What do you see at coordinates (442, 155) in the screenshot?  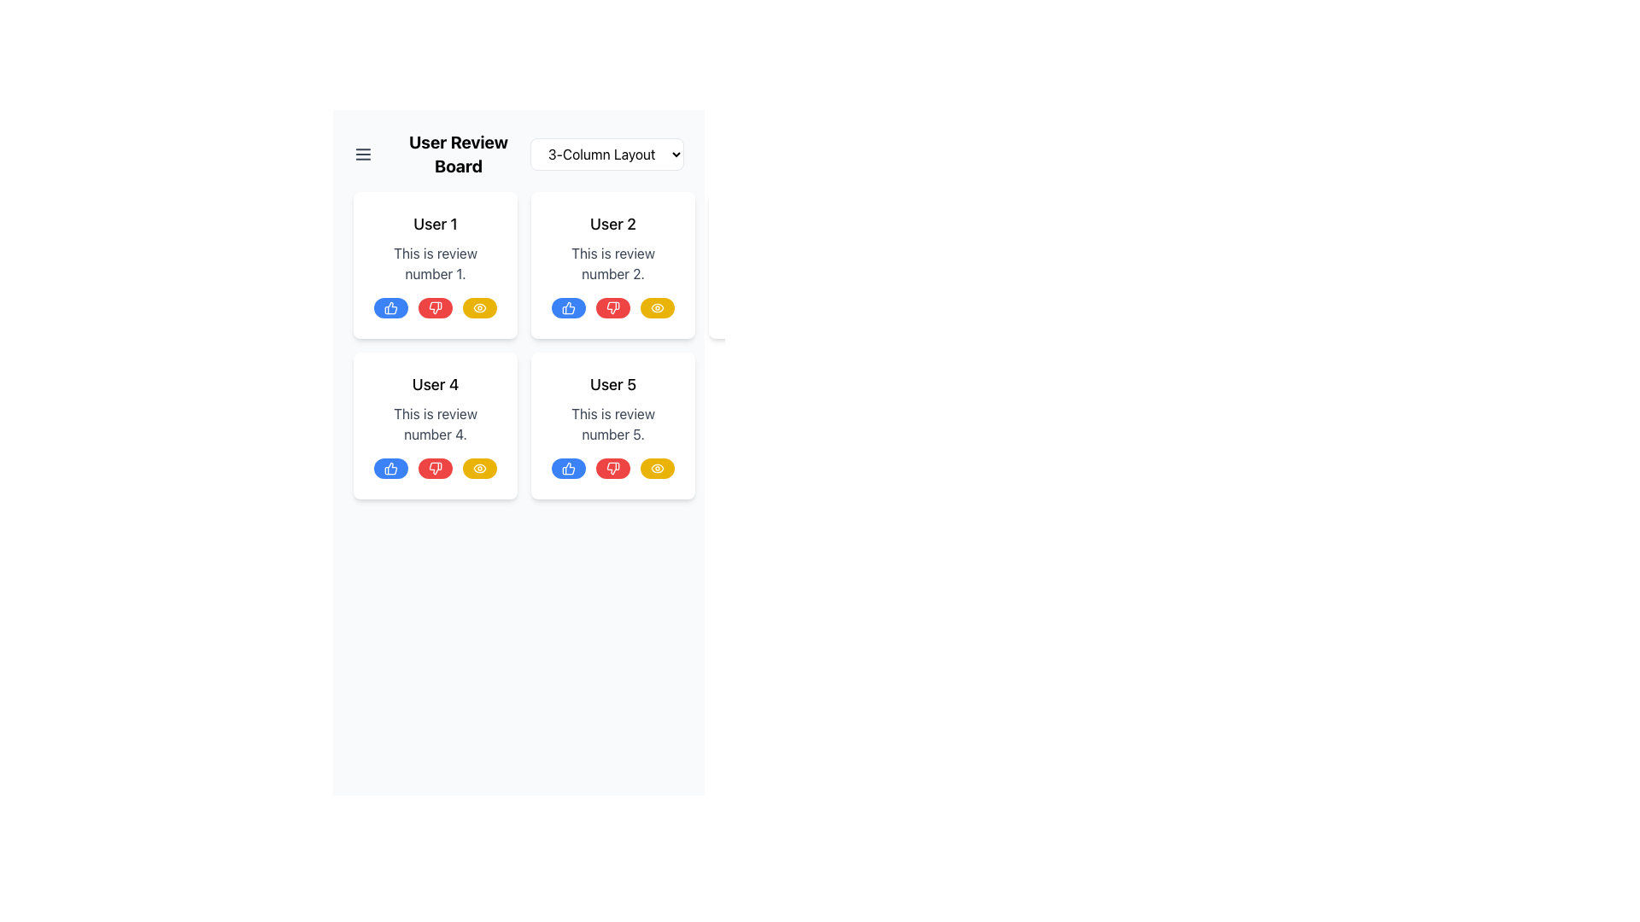 I see `the static text label that serves as the title for the interface, specifically labeling the current view as 'User Review Board'` at bounding box center [442, 155].